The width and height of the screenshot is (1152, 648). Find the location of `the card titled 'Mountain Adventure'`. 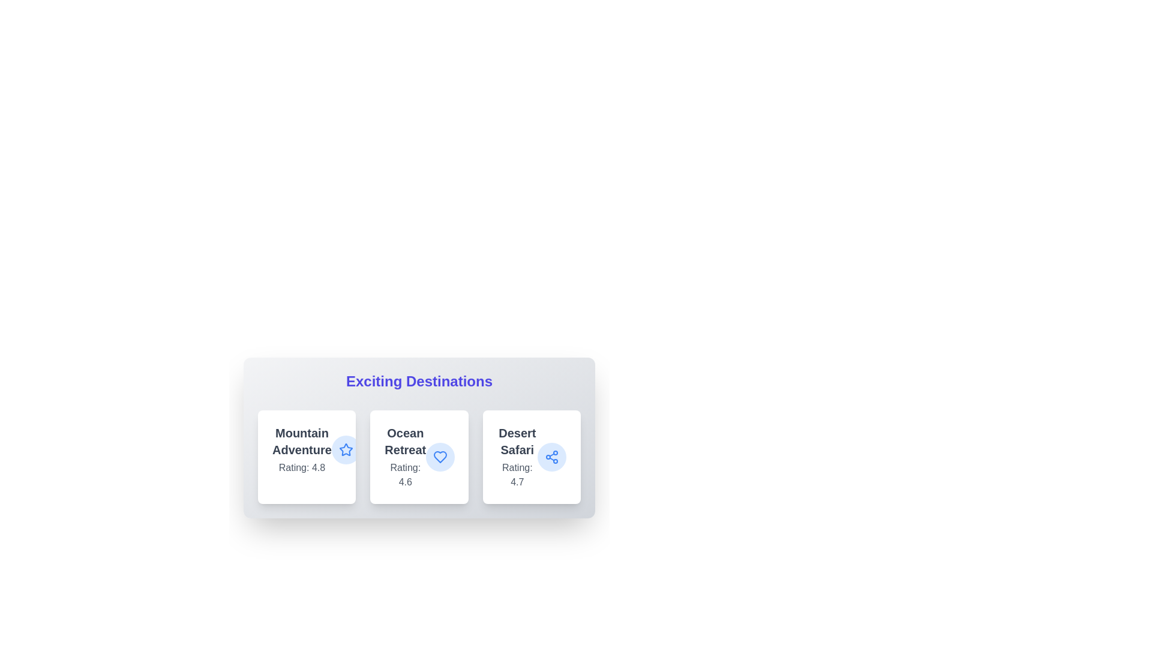

the card titled 'Mountain Adventure' is located at coordinates (307, 457).